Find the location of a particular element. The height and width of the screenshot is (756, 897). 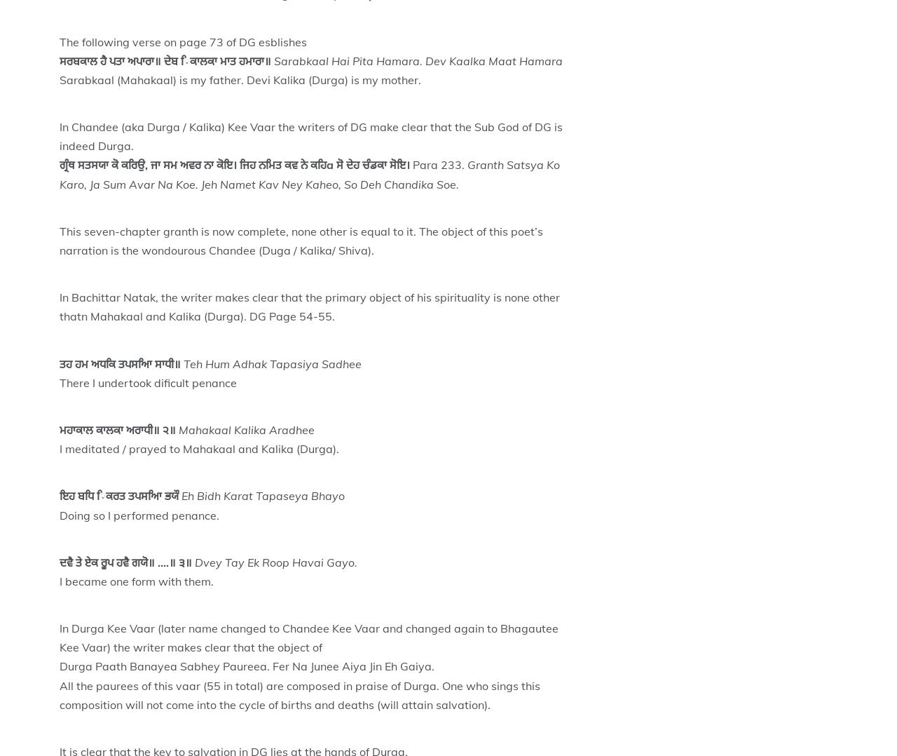

'Teh Hum Adhak Tapasiya Sadhee' is located at coordinates (272, 363).